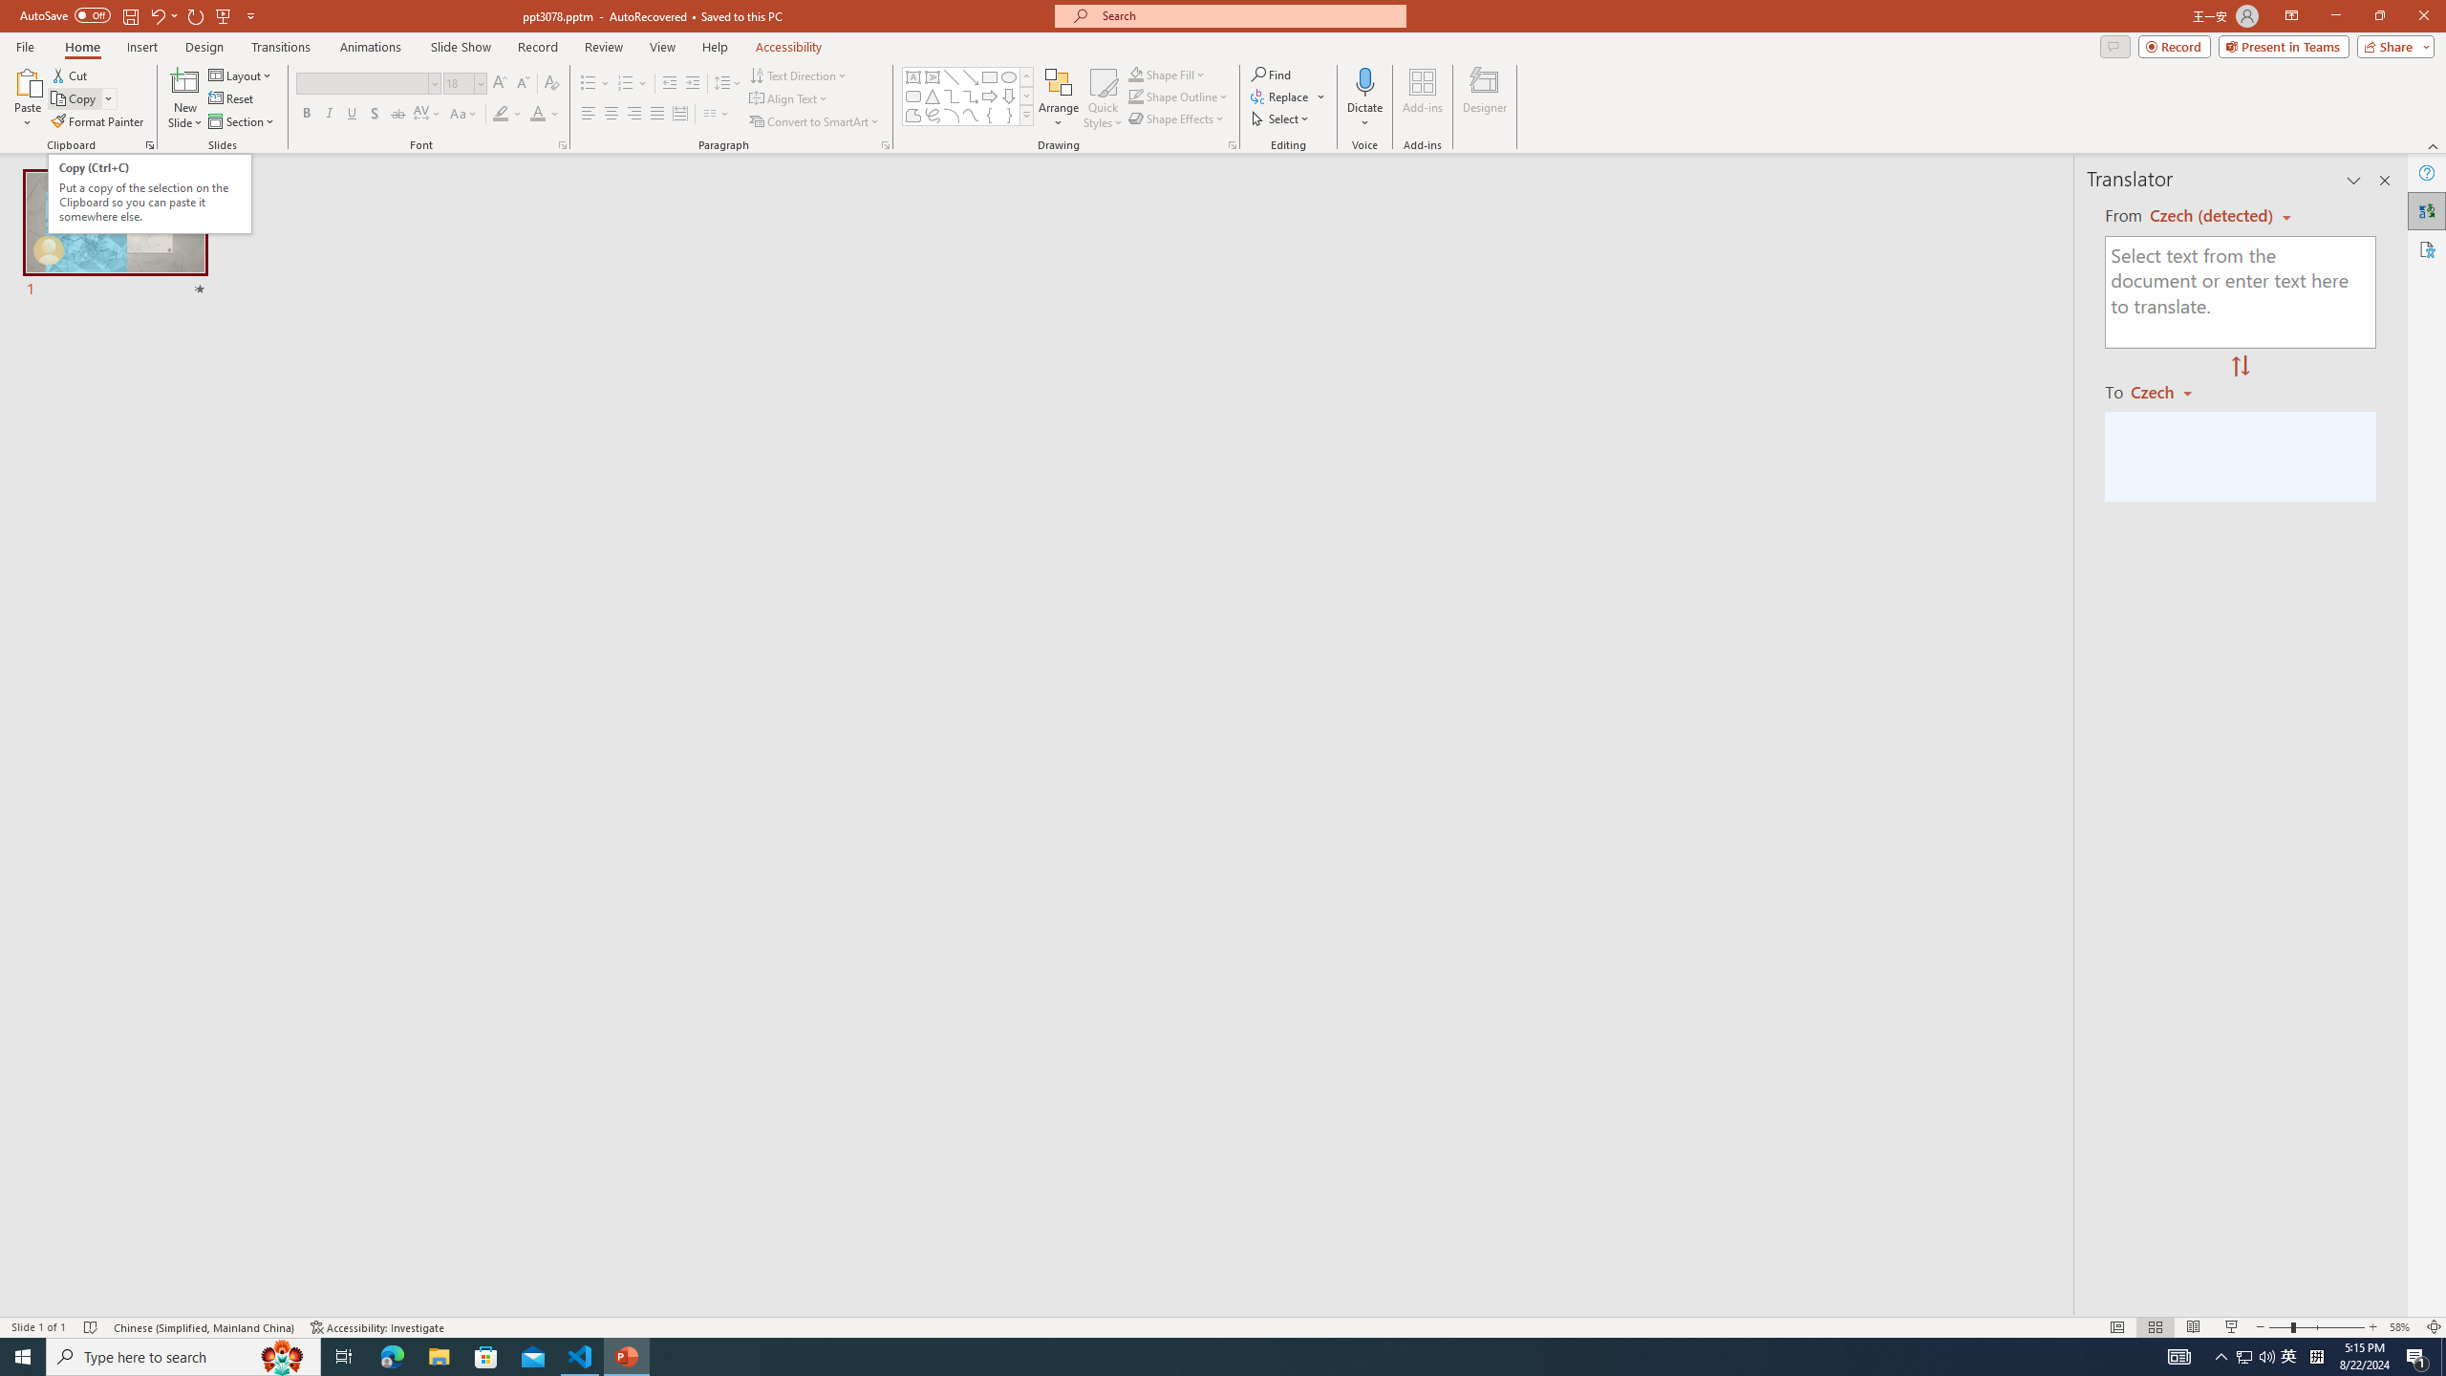  What do you see at coordinates (280, 47) in the screenshot?
I see `'Transitions'` at bounding box center [280, 47].